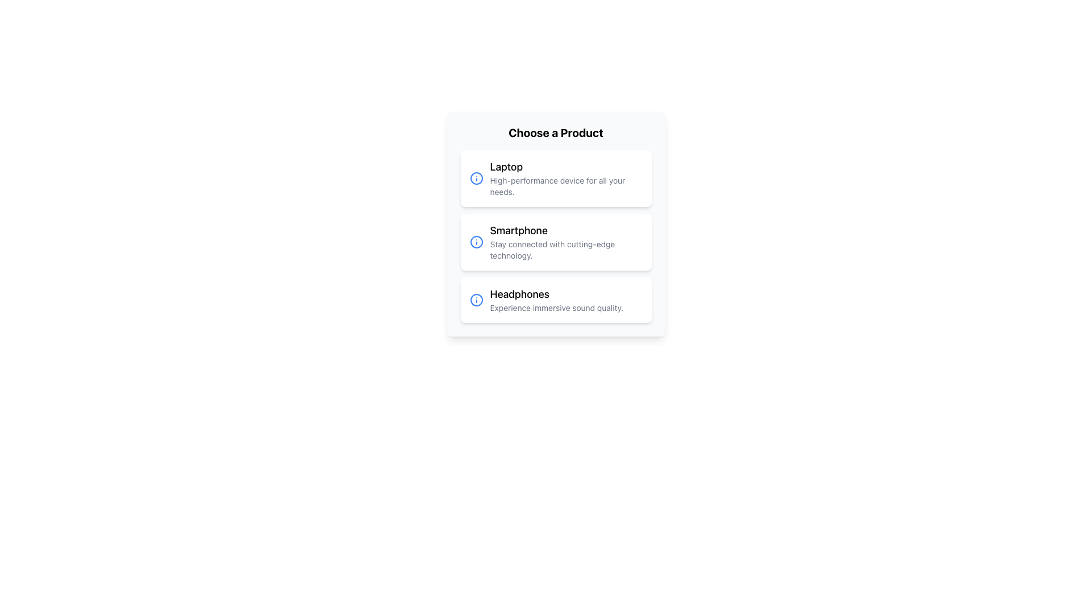  Describe the element at coordinates (566, 241) in the screenshot. I see `the Label element displaying the title 'Smartphone' and subtitle 'Stay connected with cutting-edge technology.' which is the second item in a vertical list of selectable options` at that location.